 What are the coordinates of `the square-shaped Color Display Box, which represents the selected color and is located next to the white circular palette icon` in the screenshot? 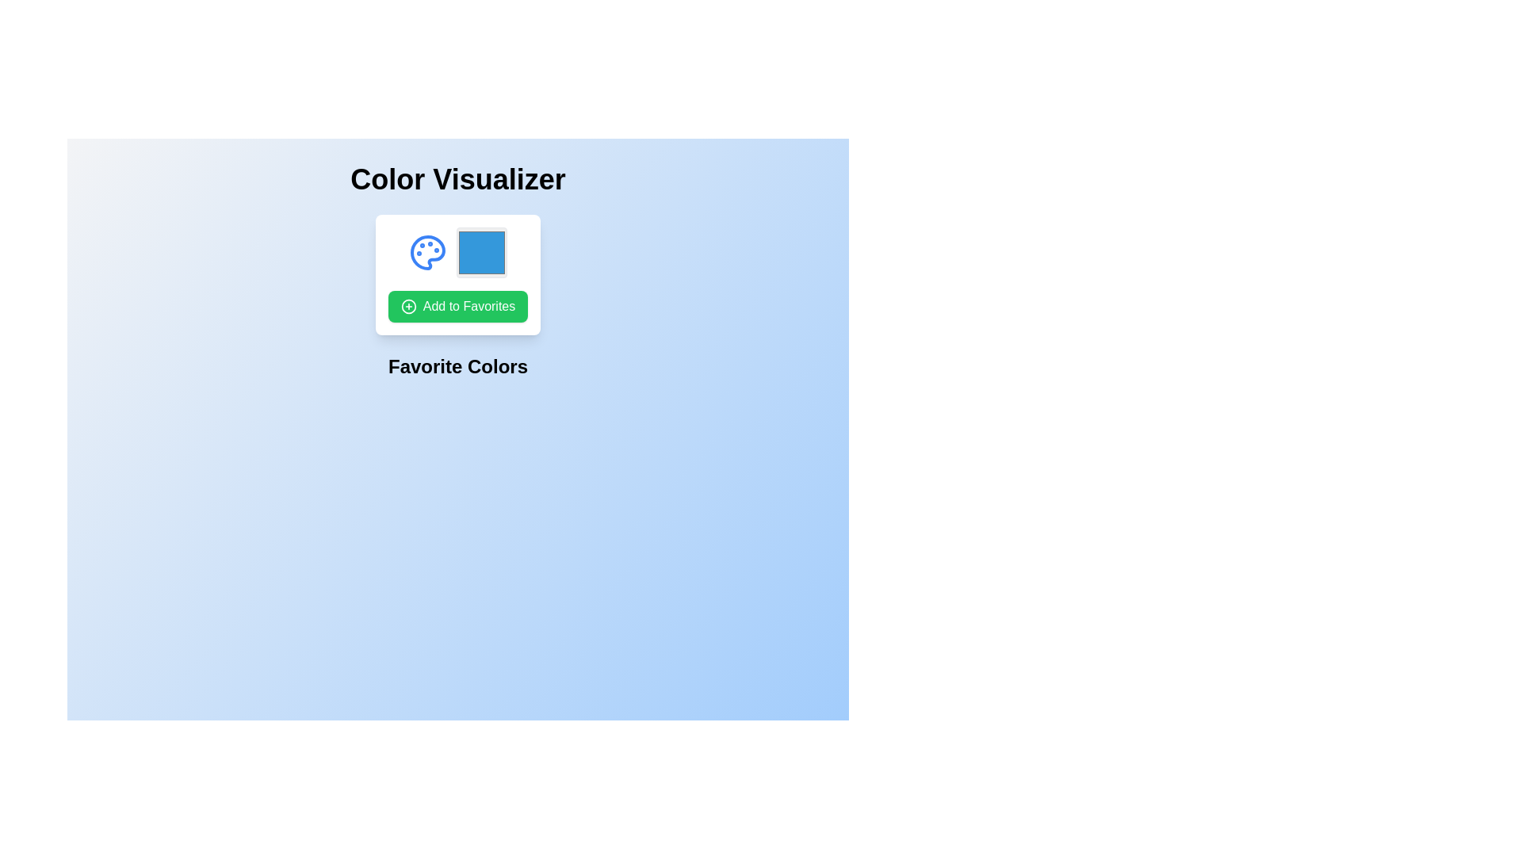 It's located at (457, 274).